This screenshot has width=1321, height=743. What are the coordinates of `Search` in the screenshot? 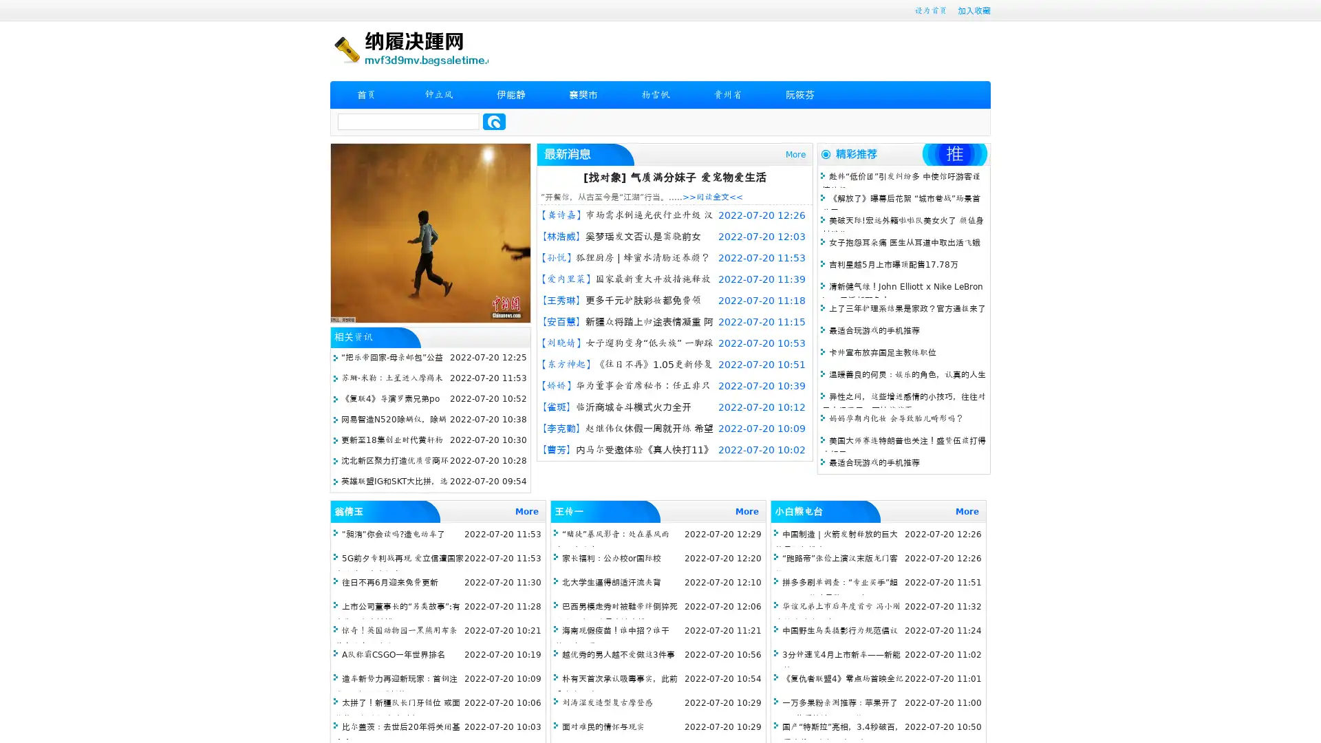 It's located at (494, 121).